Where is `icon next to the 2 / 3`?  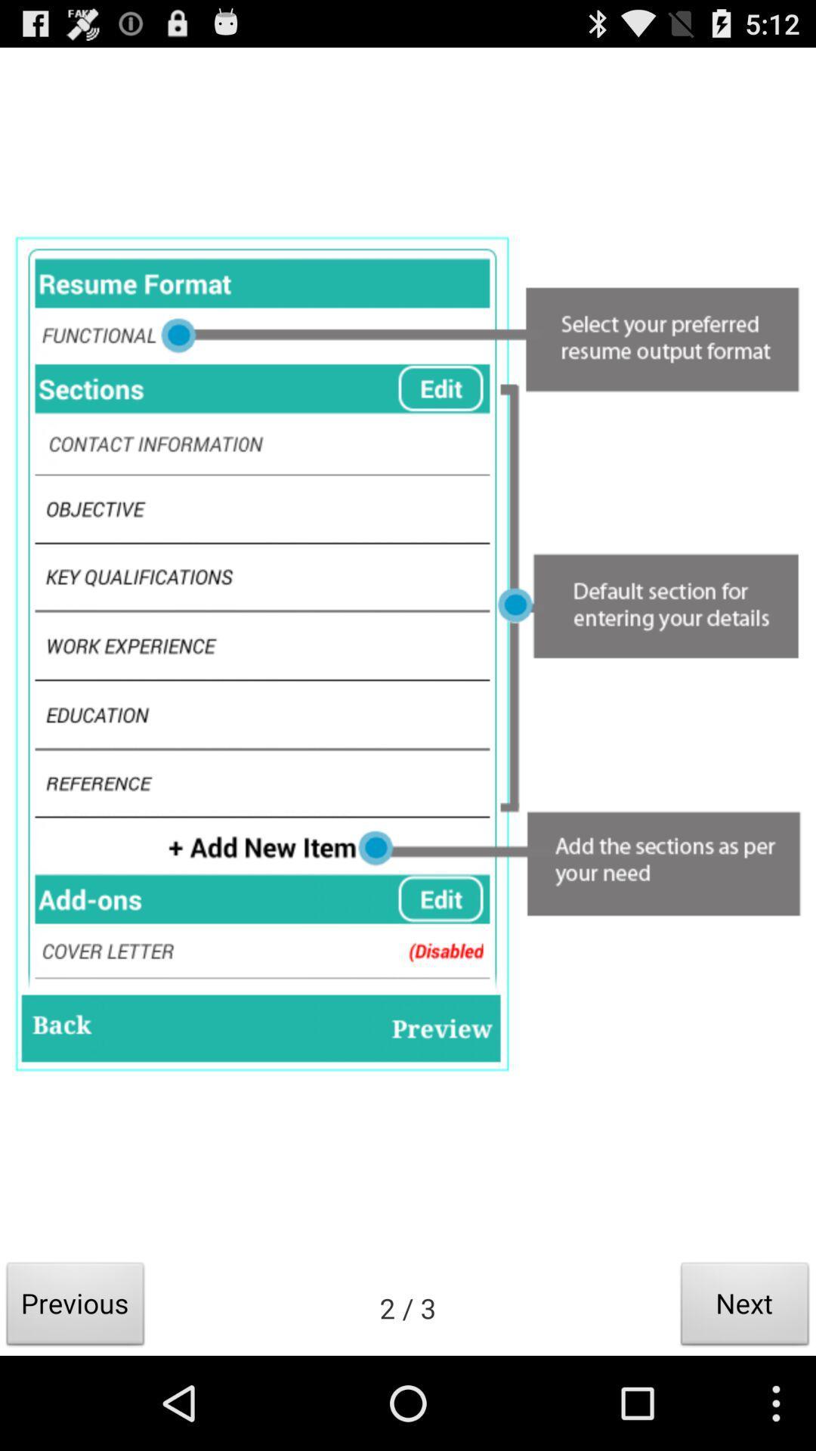
icon next to the 2 / 3 is located at coordinates (744, 1307).